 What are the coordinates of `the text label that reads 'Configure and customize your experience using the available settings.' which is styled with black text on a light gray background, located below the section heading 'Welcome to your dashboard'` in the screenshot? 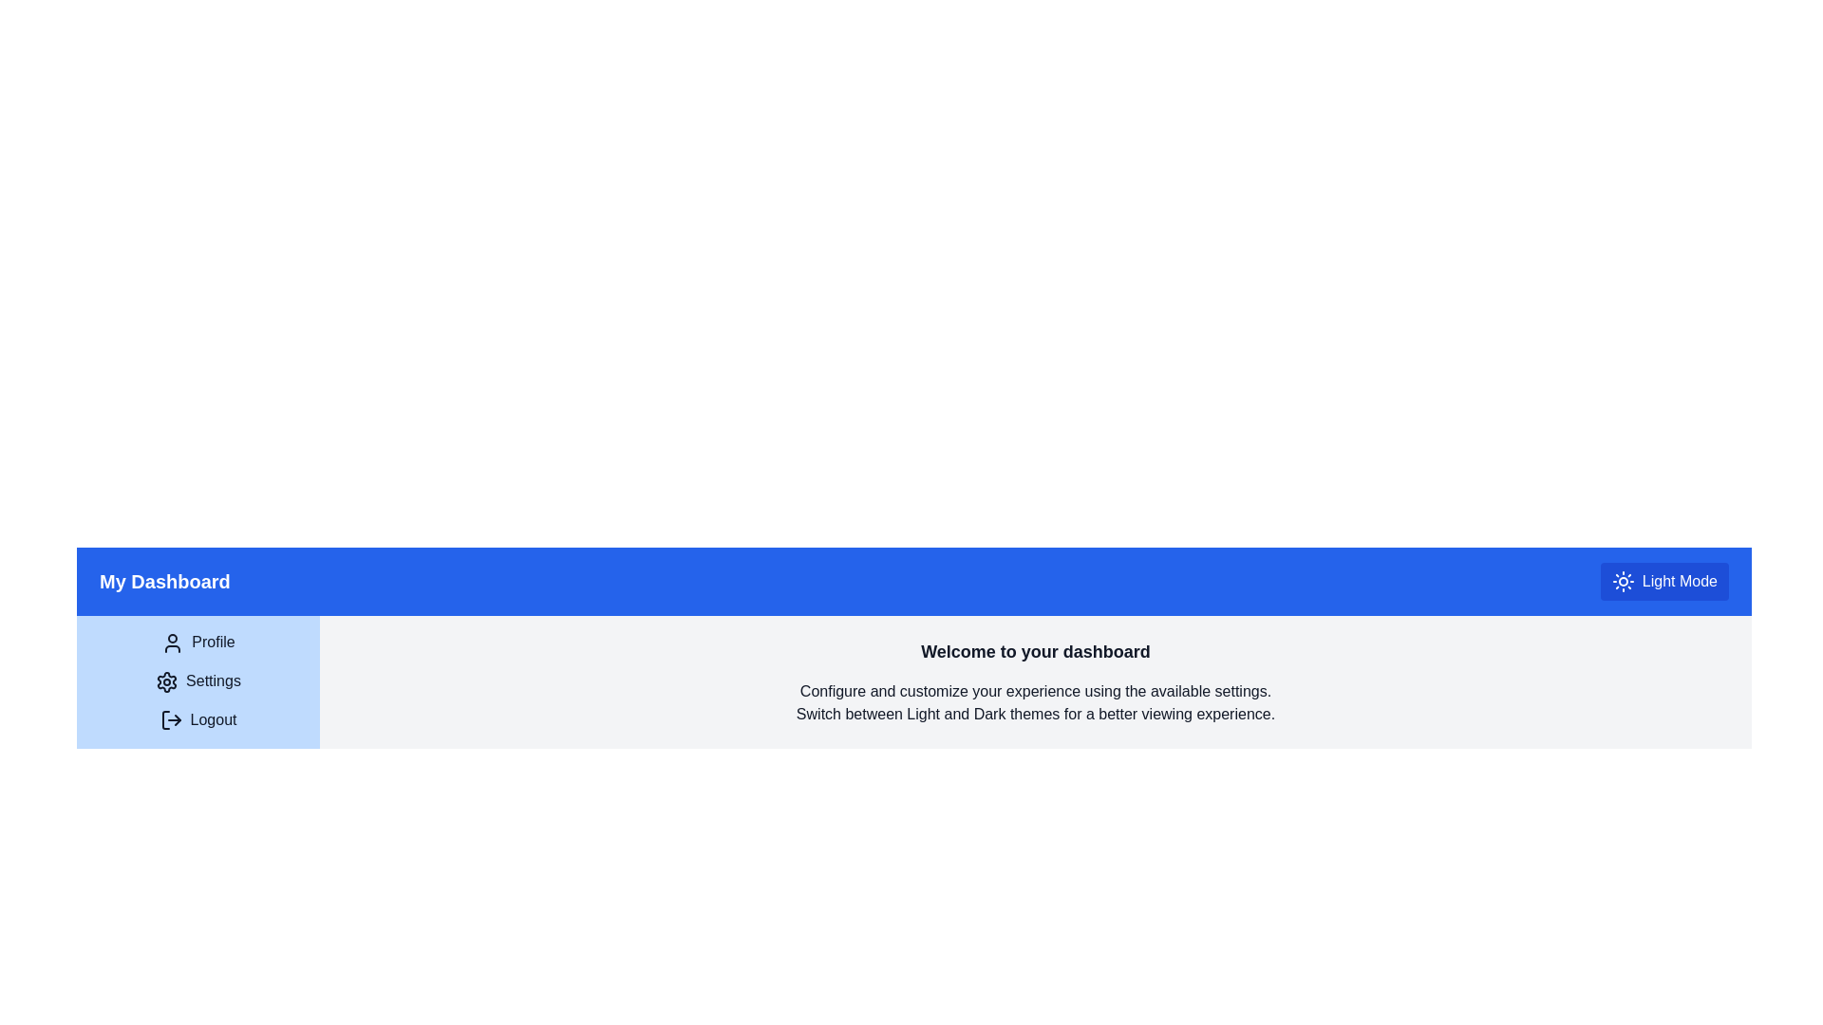 It's located at (1034, 692).